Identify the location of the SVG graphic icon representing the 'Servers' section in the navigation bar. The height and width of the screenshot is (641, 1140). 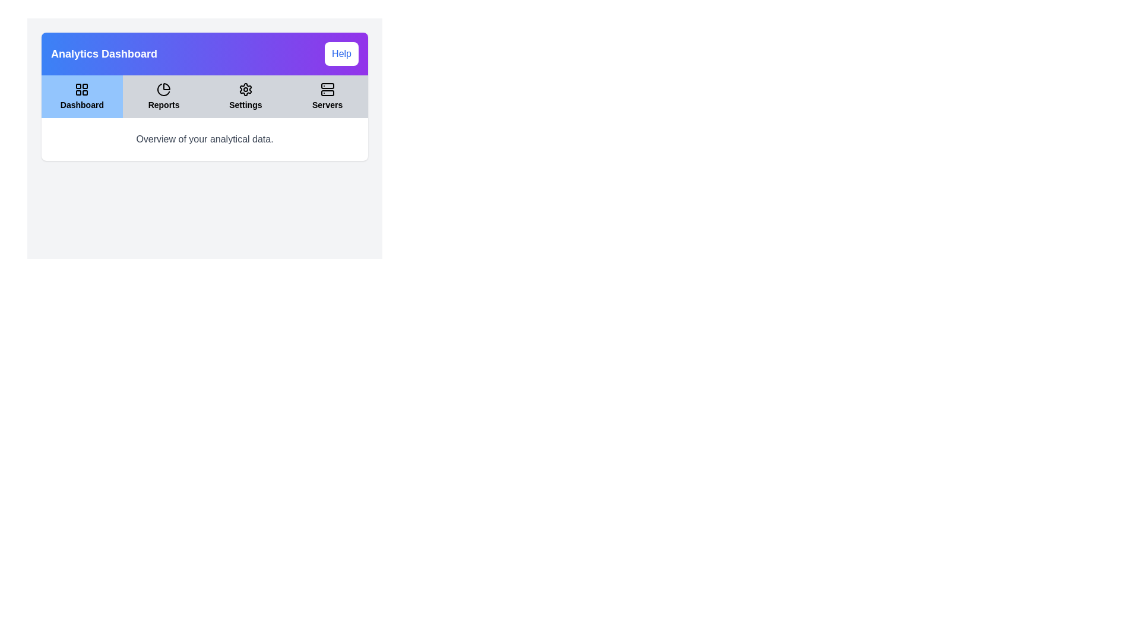
(327, 88).